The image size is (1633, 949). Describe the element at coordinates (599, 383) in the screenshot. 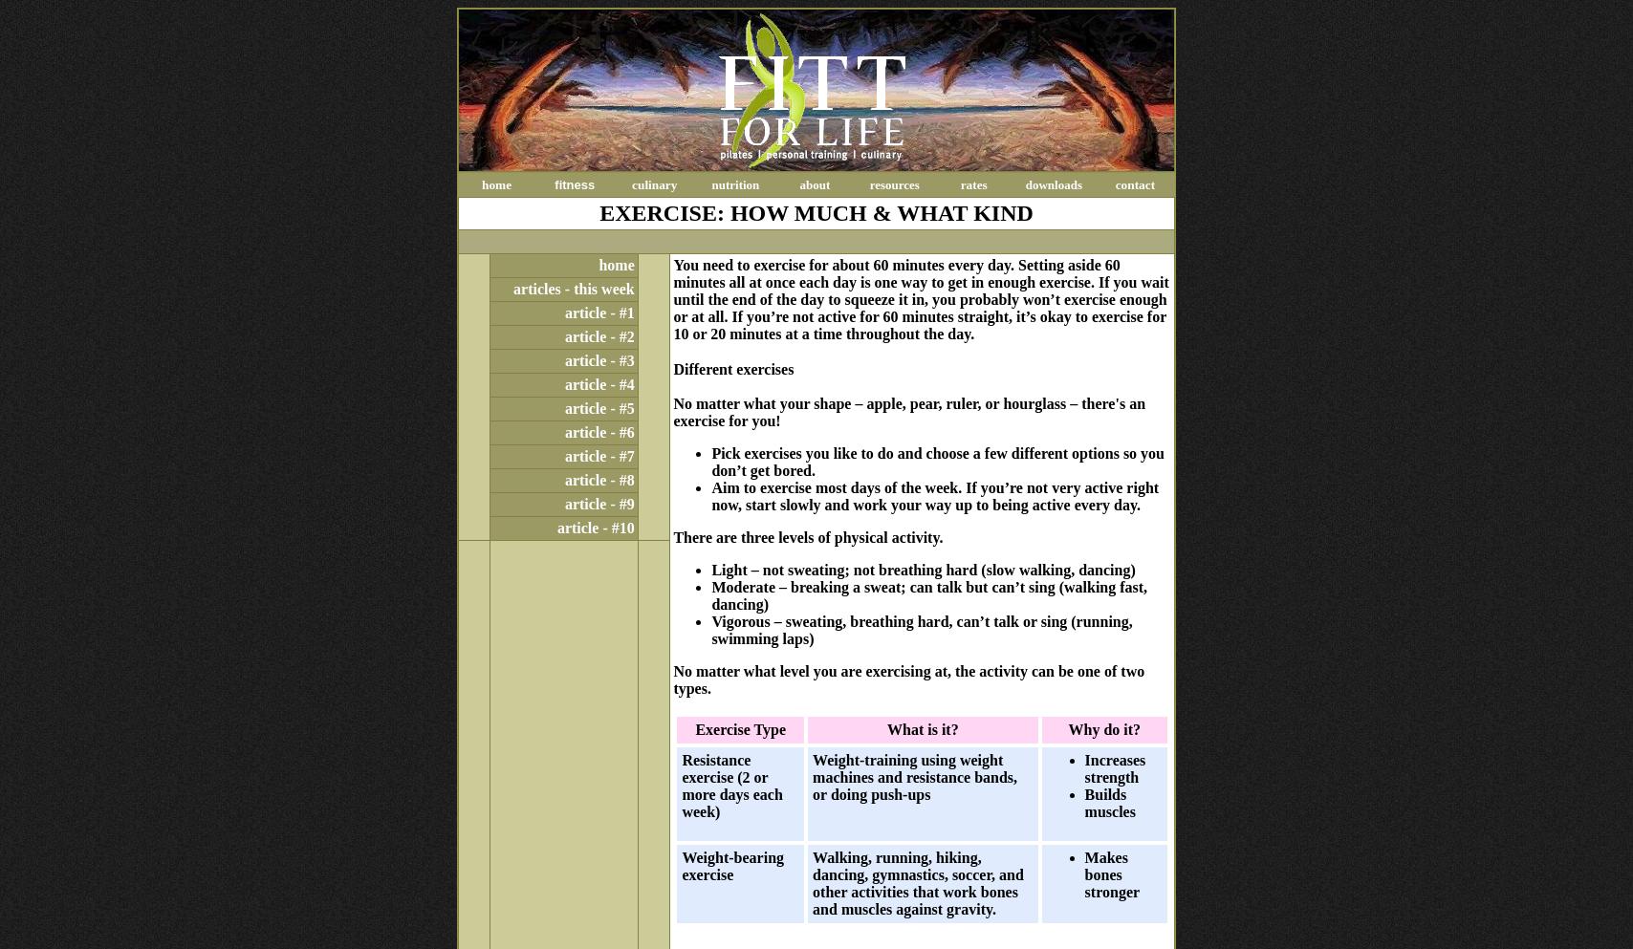

I see `'article - #4'` at that location.